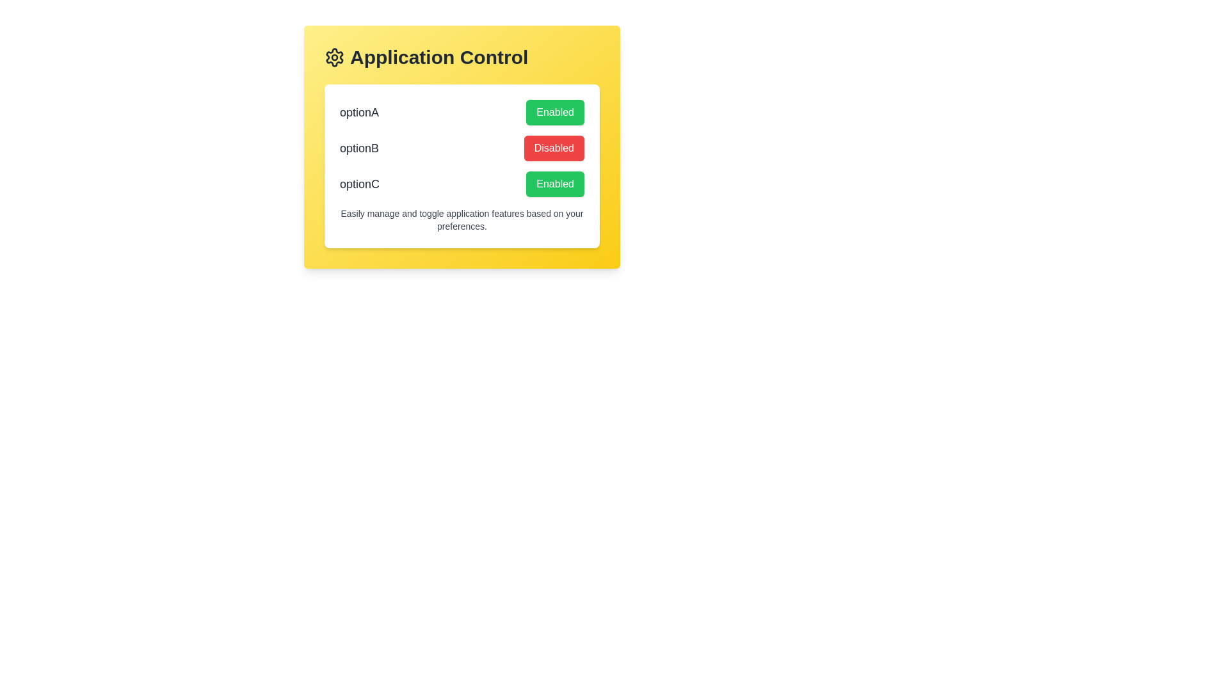  What do you see at coordinates (358, 112) in the screenshot?
I see `the text label 'optionA' located in the 'Application Control' module, which provides a description for the associated 'Enabled' button` at bounding box center [358, 112].